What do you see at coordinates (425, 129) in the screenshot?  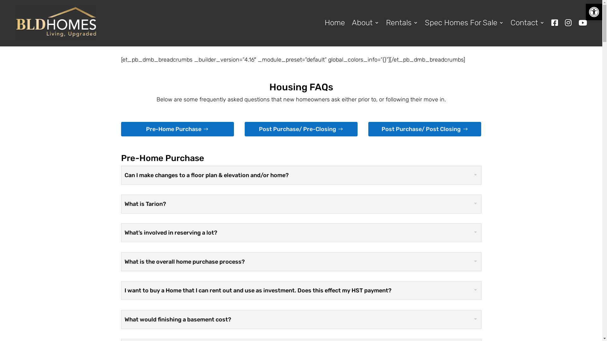 I see `'Post Purchase/ Post Closing'` at bounding box center [425, 129].